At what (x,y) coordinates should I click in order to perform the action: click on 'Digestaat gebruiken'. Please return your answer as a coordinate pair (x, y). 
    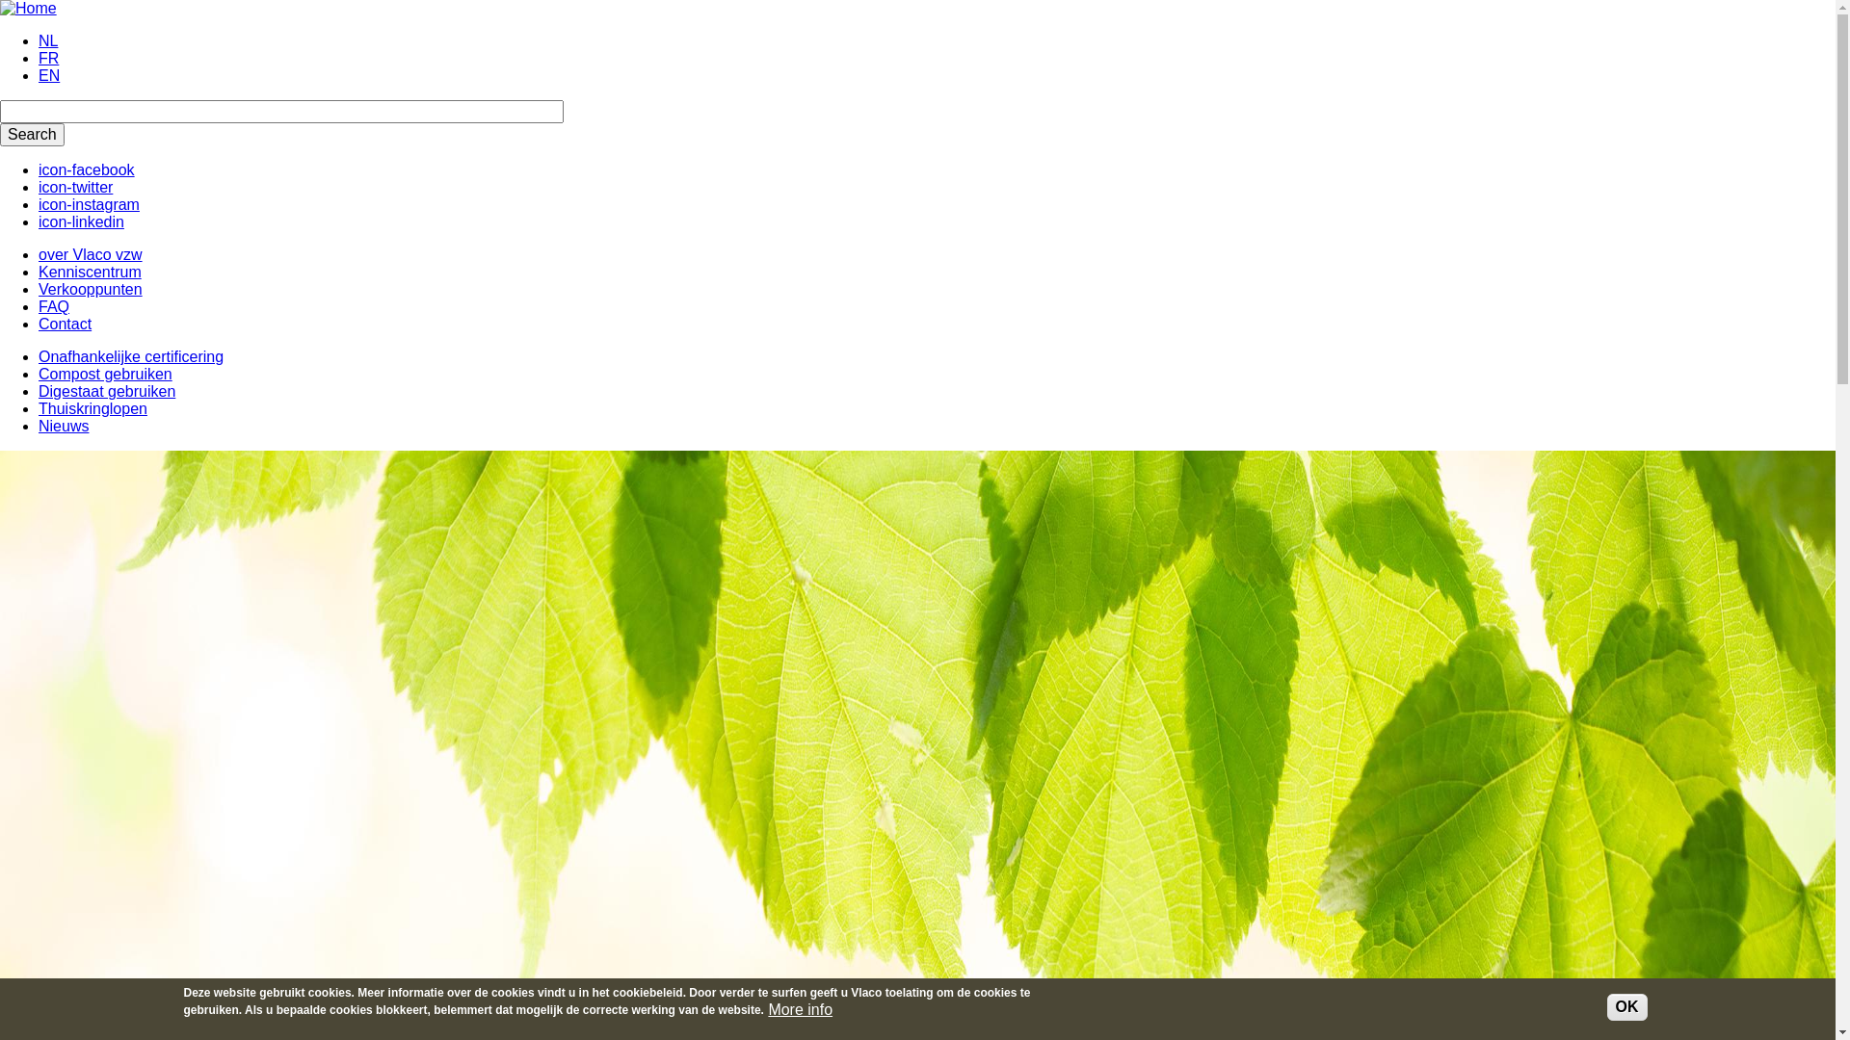
    Looking at the image, I should click on (38, 390).